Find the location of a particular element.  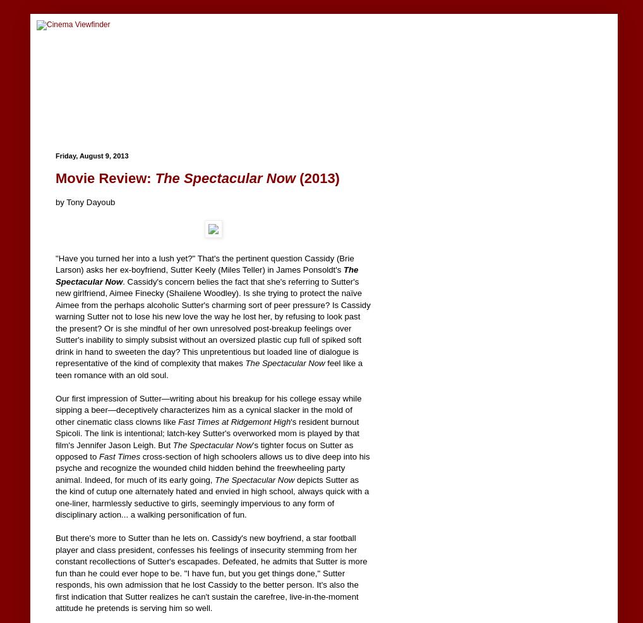

'But there's more to Sutter than he lets on. Cassidy's new boyfriend, a star football player and class president, confesses his feelings of insecurity stemming from her constant recollections of Sutter's escapades. Defeated, he admits that Sutter is more fun than he could ever hope to be. "I have fun, but you get things done," Sutter responds, his own admission that he lost Cassidy to the better person. It's also the first indication that Sutter realizes he can't sustain the carefree, live-in-the-moment attitude he pretends is serving him so well.' is located at coordinates (210, 573).